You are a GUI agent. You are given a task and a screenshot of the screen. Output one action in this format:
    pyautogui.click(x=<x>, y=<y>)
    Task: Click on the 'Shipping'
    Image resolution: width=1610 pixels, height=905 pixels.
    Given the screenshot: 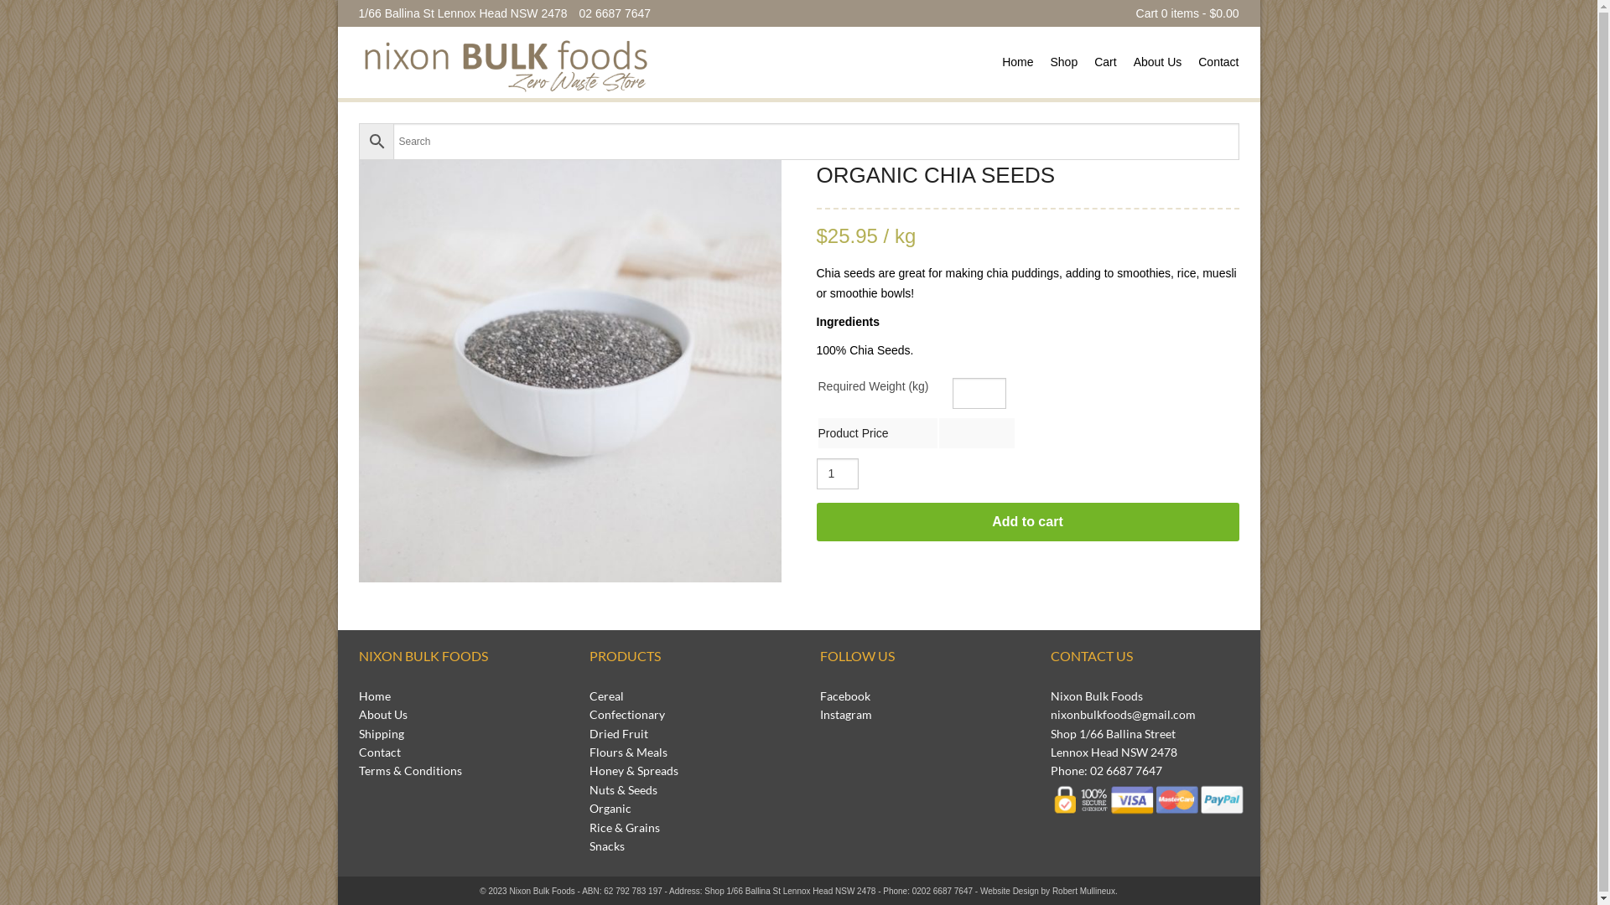 What is the action you would take?
    pyautogui.click(x=357, y=732)
    